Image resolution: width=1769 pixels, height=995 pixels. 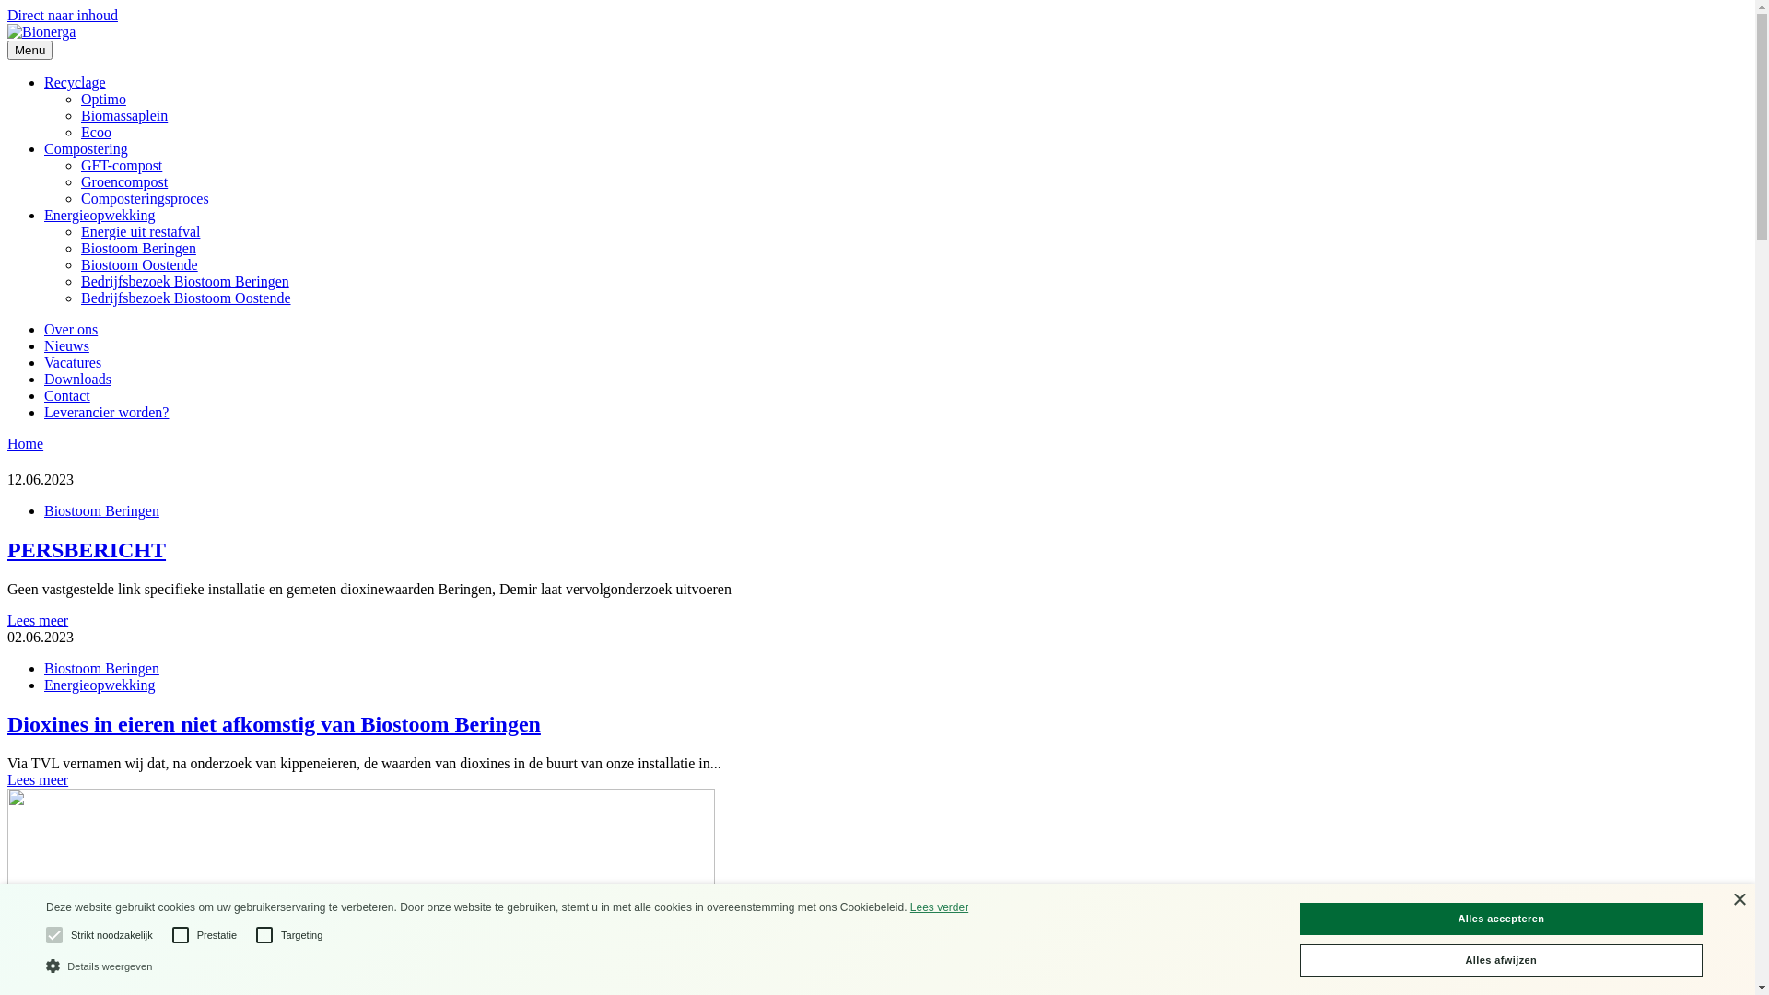 What do you see at coordinates (99, 685) in the screenshot?
I see `'Energieopwekking'` at bounding box center [99, 685].